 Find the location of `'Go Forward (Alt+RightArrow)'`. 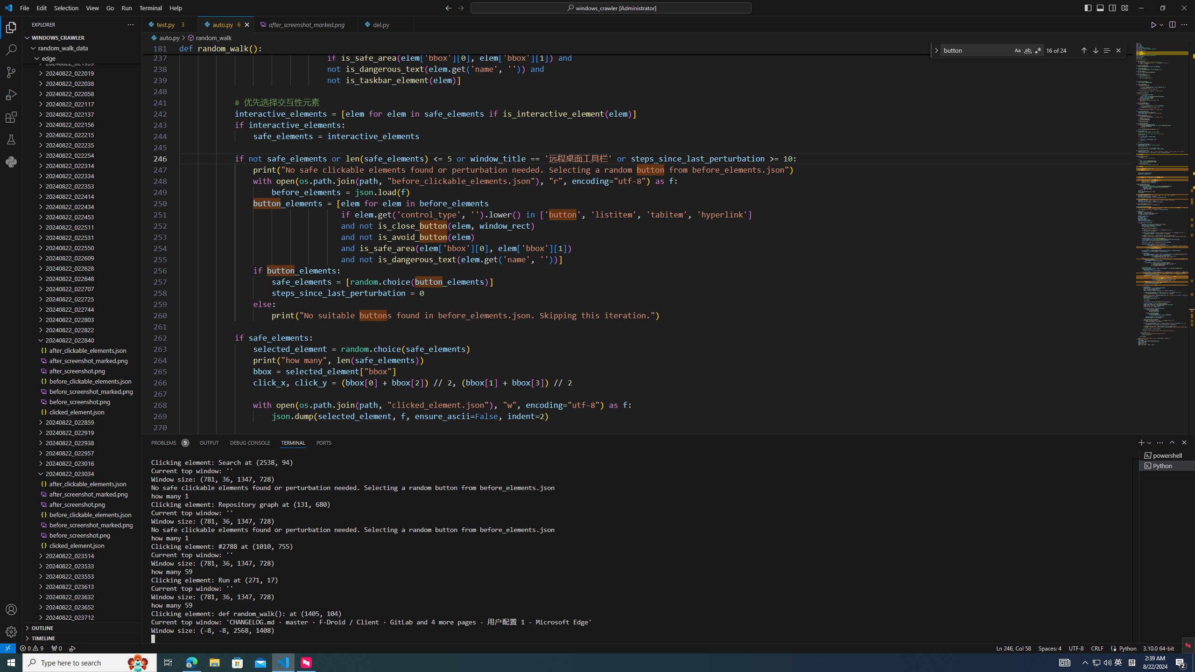

'Go Forward (Alt+RightArrow)' is located at coordinates (460, 7).